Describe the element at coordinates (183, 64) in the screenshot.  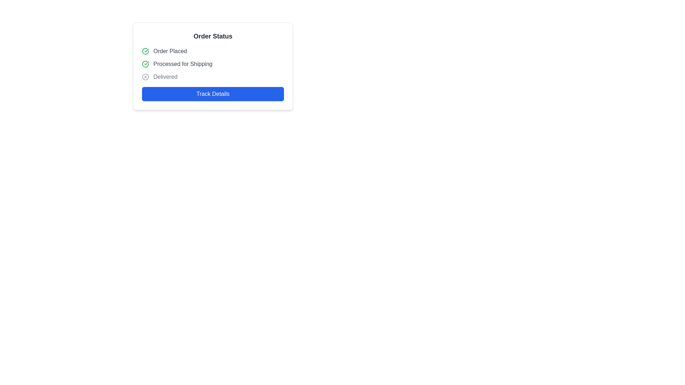
I see `the Text Label element reading 'Processed for Shipping', which is styled in a gray font and located in the order status list between 'Order Placed' and 'Delivered'` at that location.